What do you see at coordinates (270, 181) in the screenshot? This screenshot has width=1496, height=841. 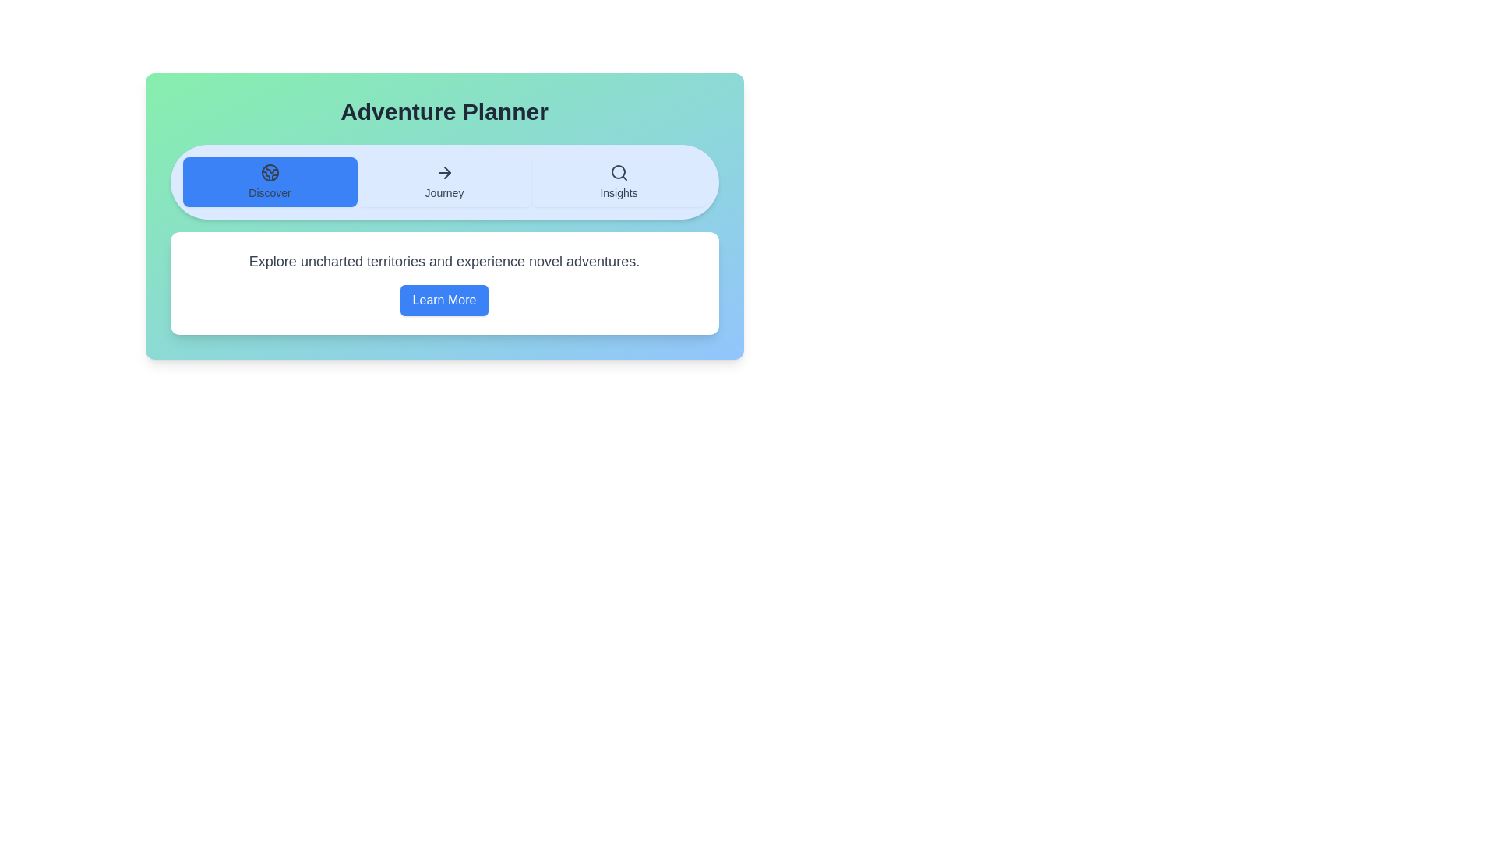 I see `the 'Discover' navigation button located to the far left of the three horizontal buttons` at bounding box center [270, 181].